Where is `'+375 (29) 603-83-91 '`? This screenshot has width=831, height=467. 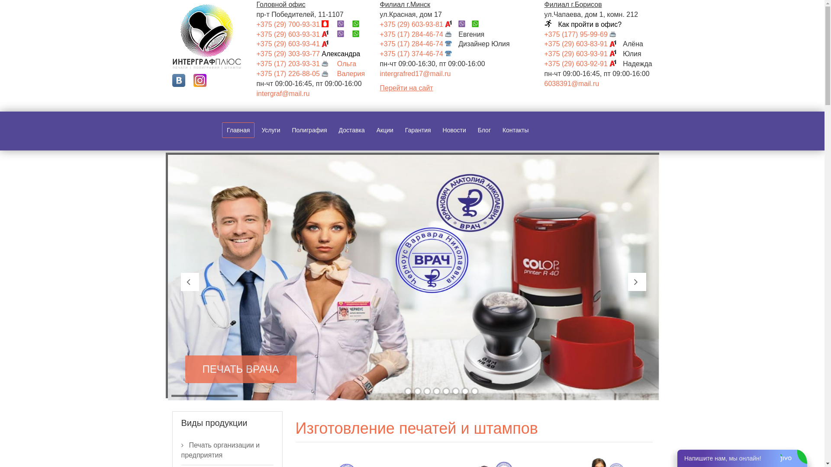
'+375 (29) 603-83-91 ' is located at coordinates (583, 44).